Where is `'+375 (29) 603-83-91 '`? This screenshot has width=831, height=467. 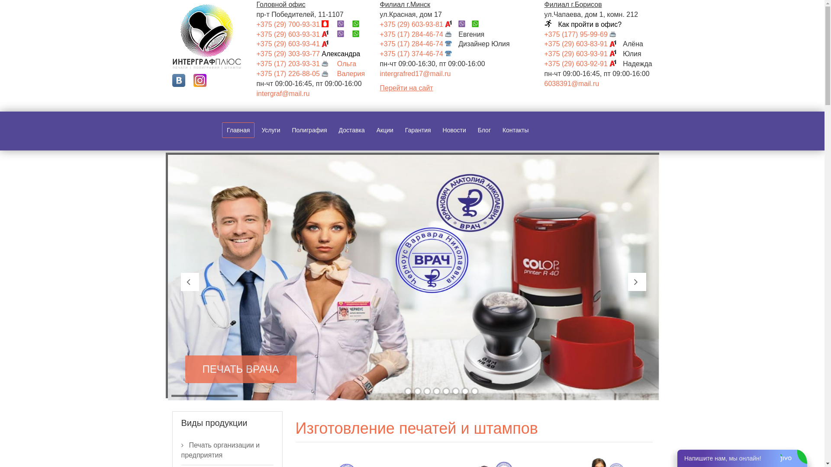
'+375 (29) 603-83-91 ' is located at coordinates (583, 44).